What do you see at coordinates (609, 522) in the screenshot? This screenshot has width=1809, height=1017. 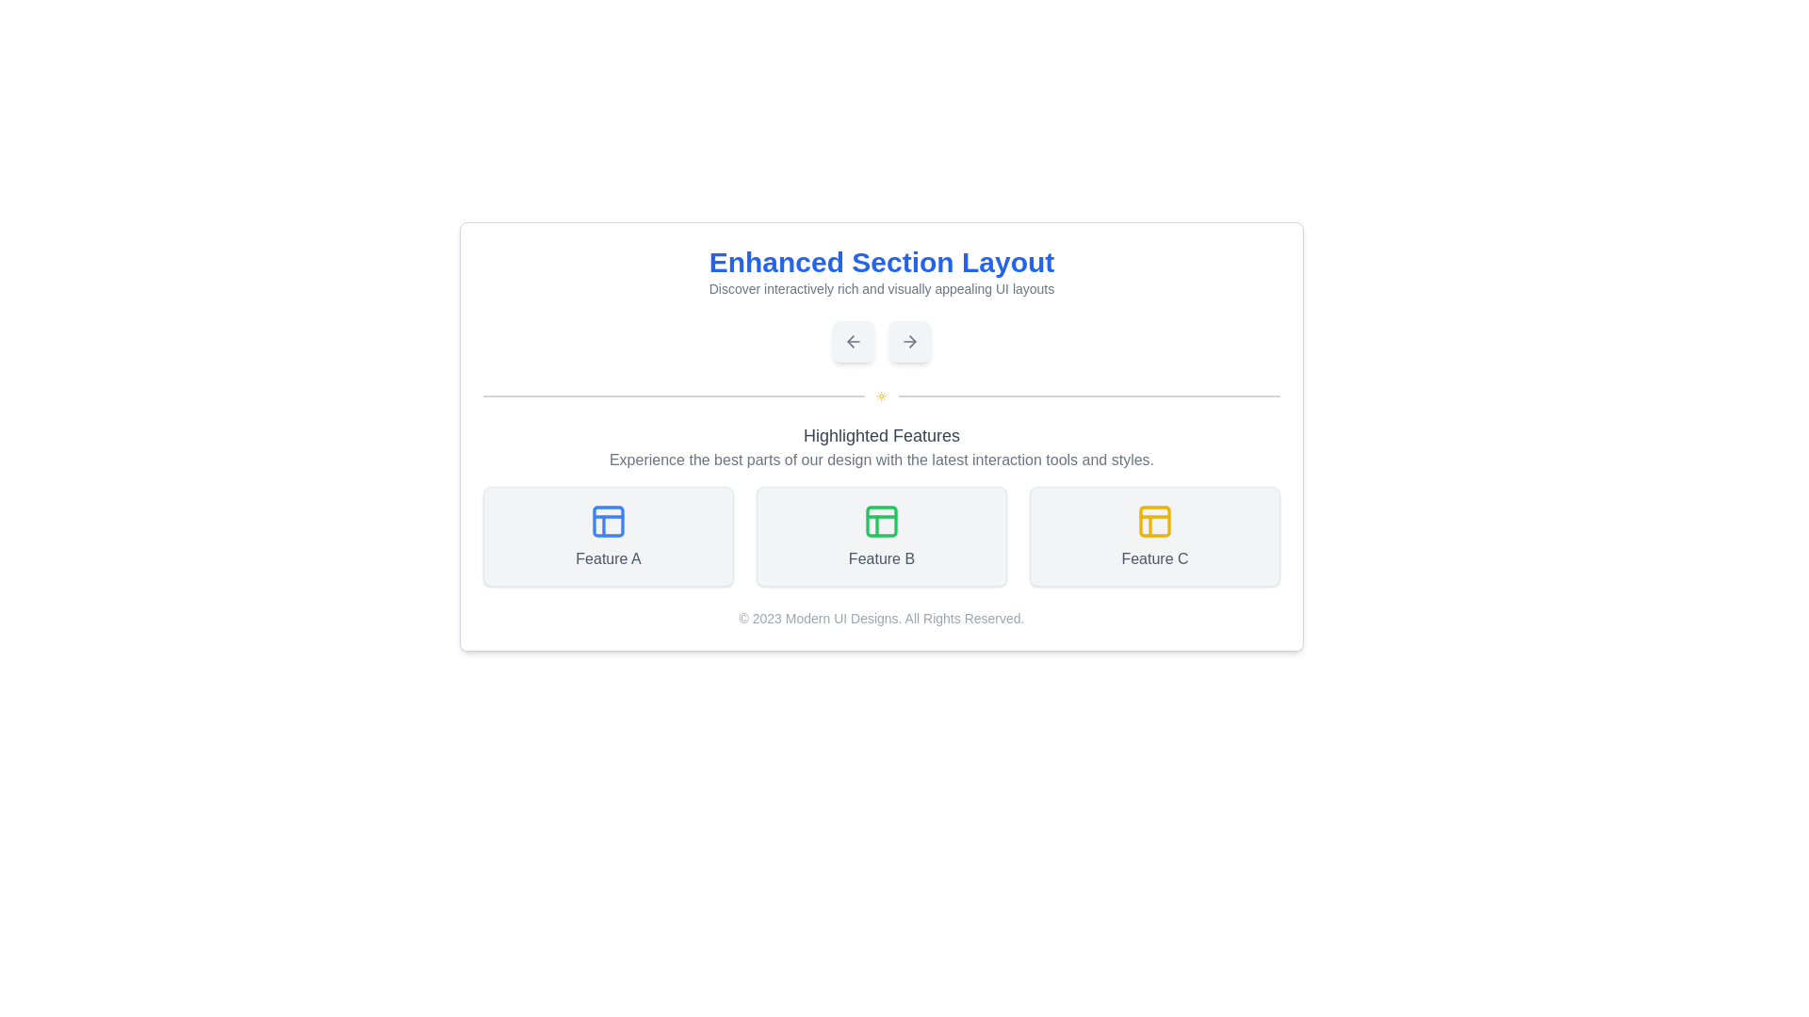 I see `the blue graphical icon with a grid-like pattern located centrally above the text 'Feature A'` at bounding box center [609, 522].